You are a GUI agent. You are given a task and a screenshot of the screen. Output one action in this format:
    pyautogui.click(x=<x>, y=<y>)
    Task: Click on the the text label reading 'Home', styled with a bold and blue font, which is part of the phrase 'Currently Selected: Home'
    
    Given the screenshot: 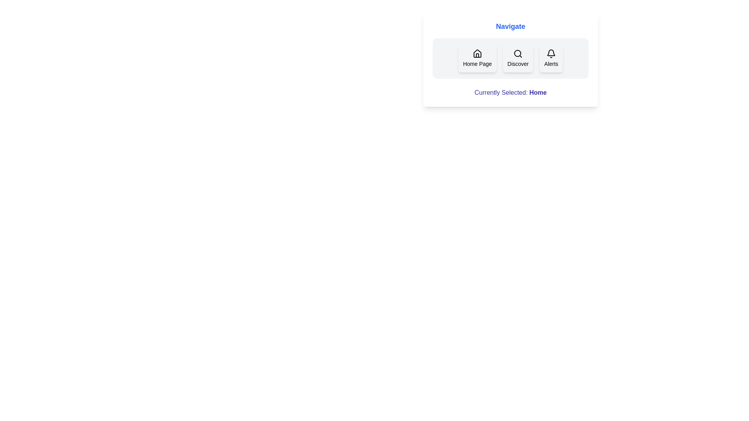 What is the action you would take?
    pyautogui.click(x=538, y=92)
    